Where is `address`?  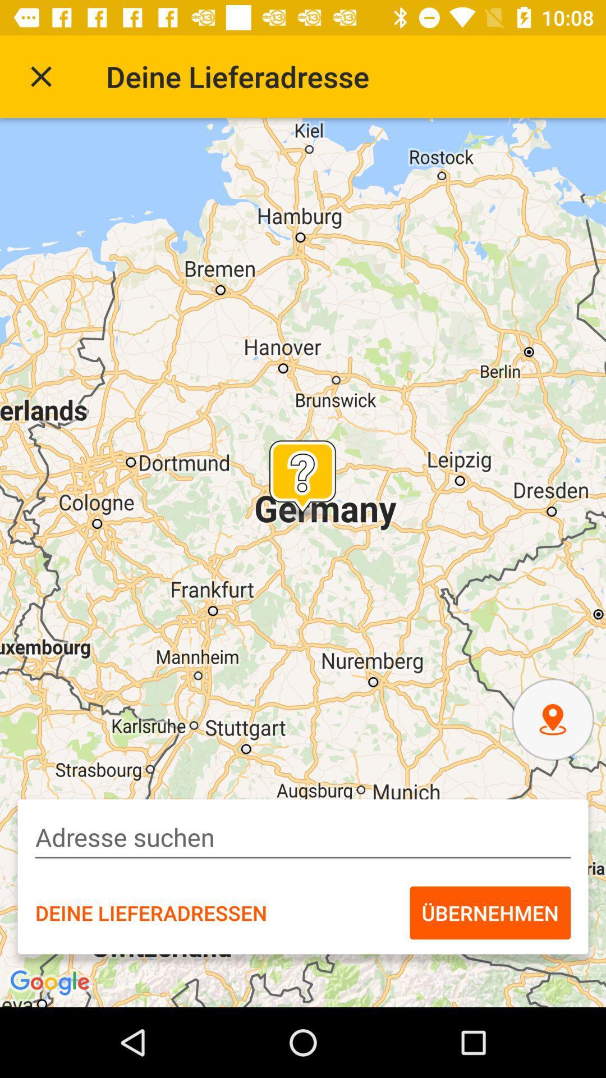
address is located at coordinates (303, 837).